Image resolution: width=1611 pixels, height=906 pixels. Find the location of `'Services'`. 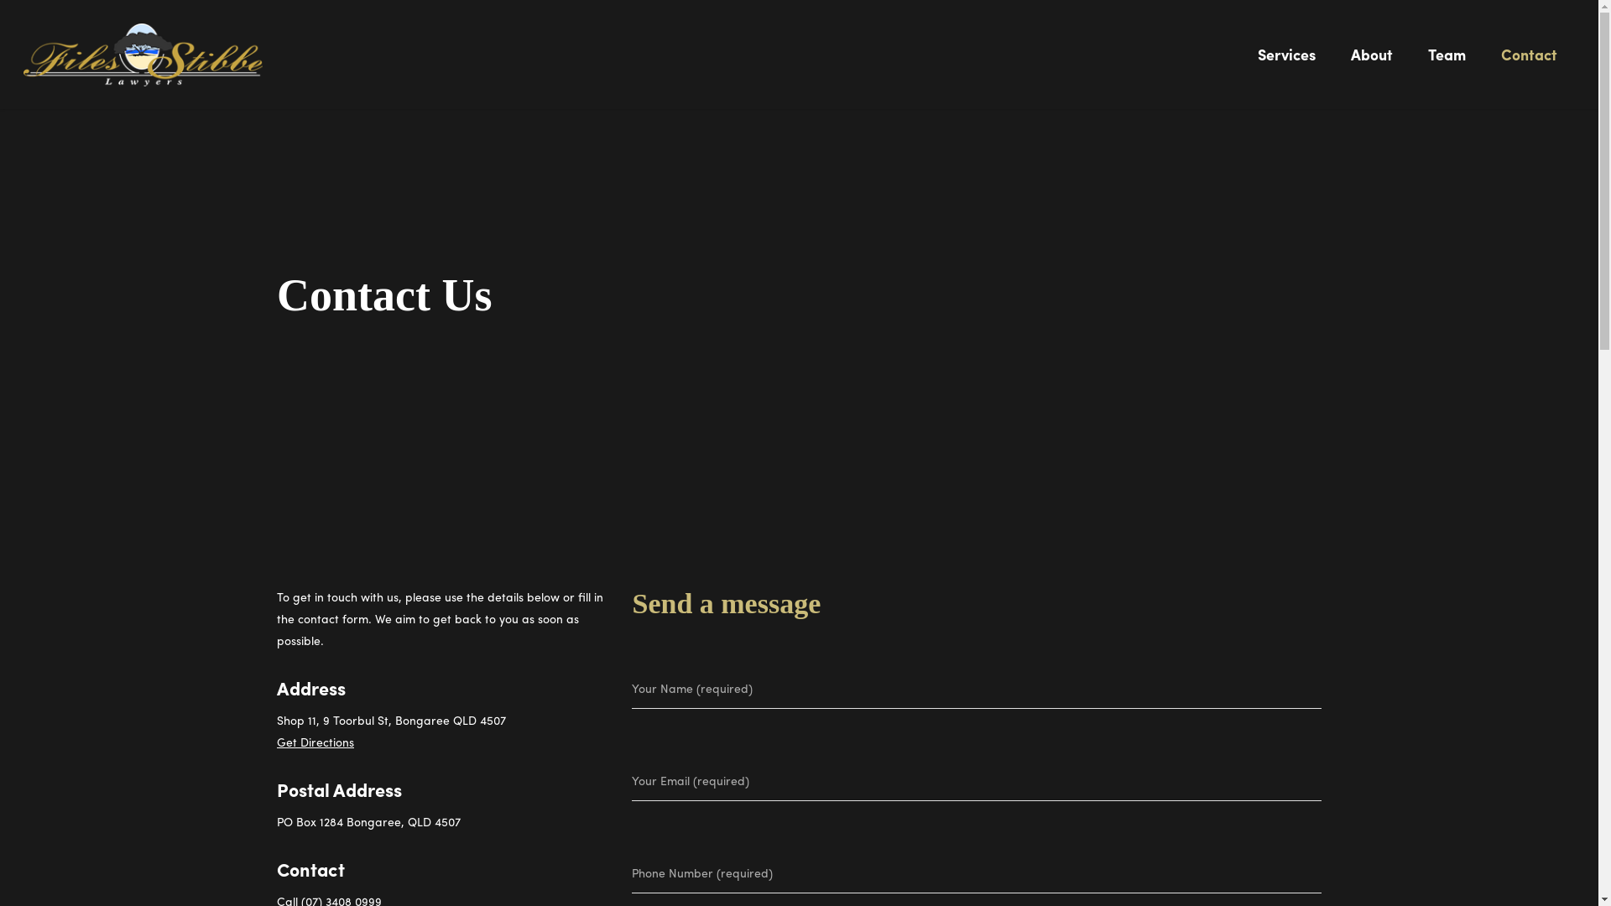

'Services' is located at coordinates (1240, 65).